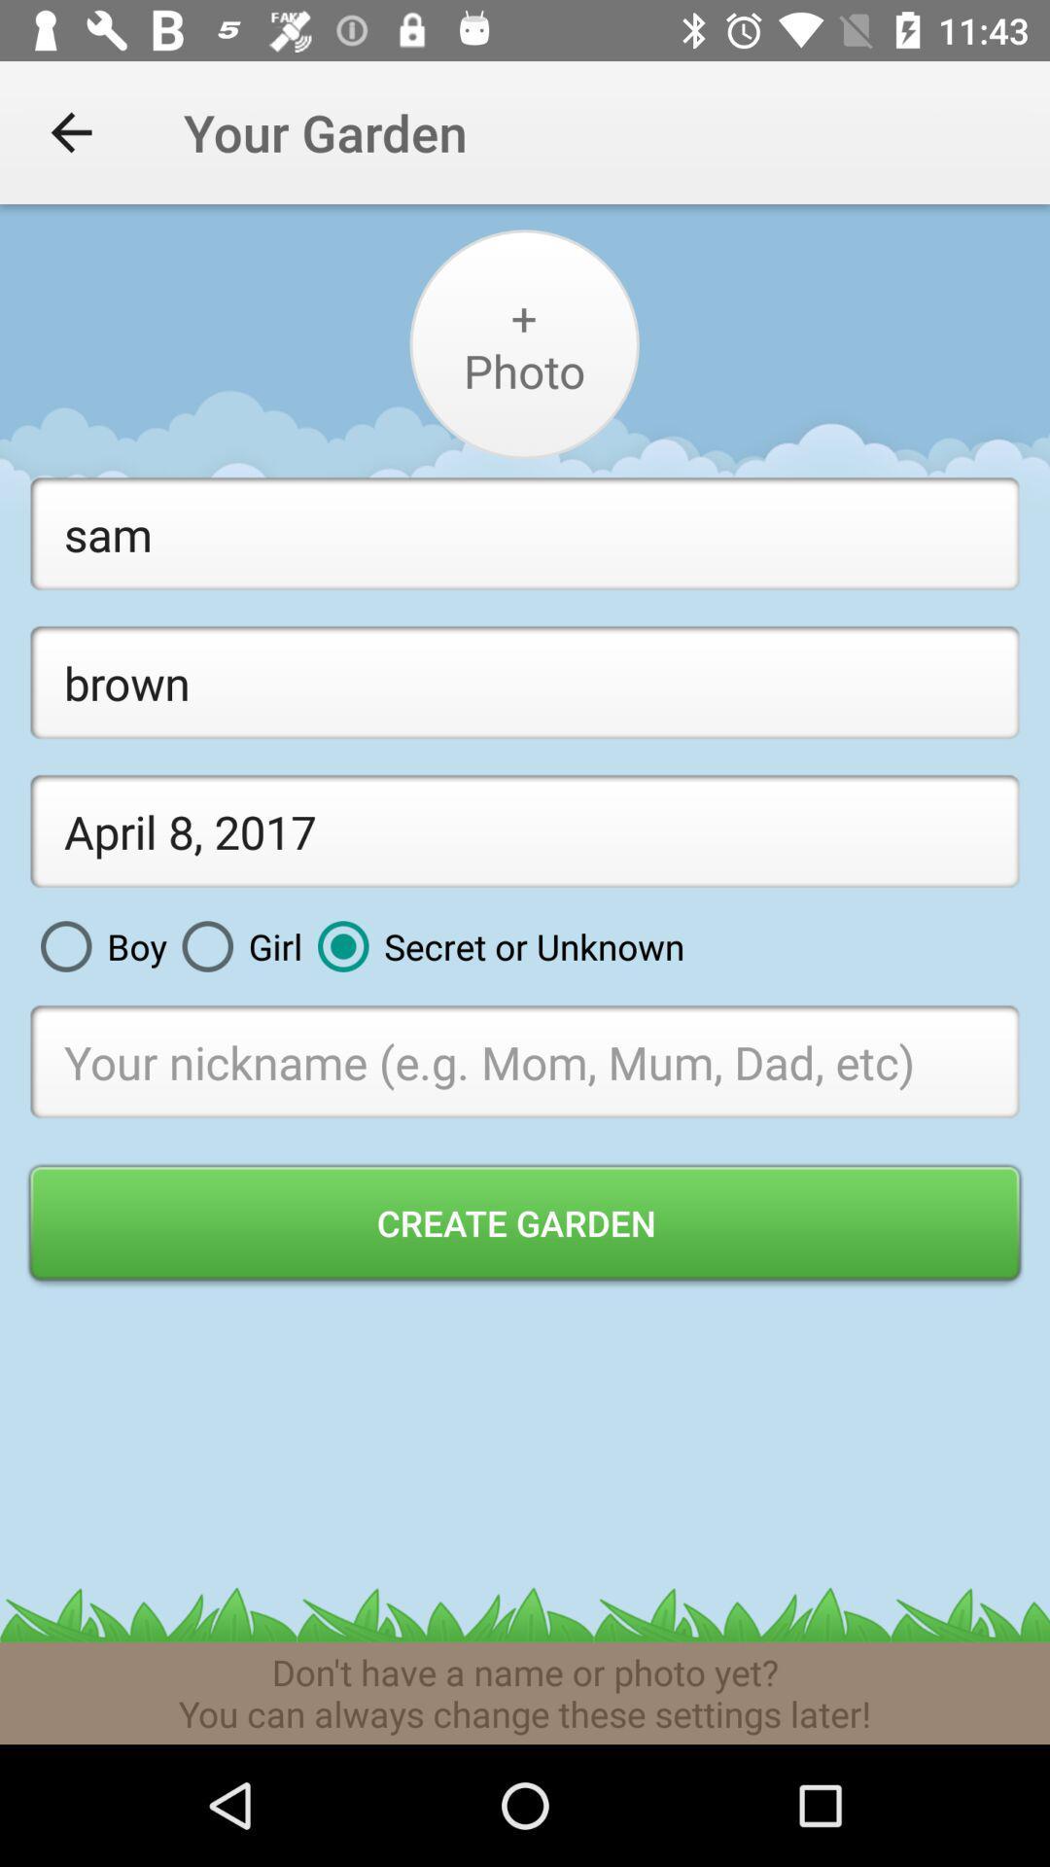  What do you see at coordinates (523, 344) in the screenshot?
I see `photo` at bounding box center [523, 344].